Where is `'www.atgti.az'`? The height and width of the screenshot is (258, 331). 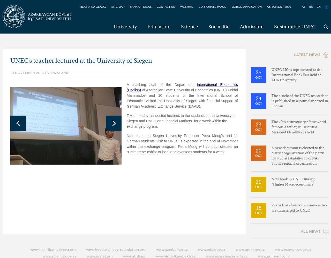 'www.atgti.az' is located at coordinates (123, 256).